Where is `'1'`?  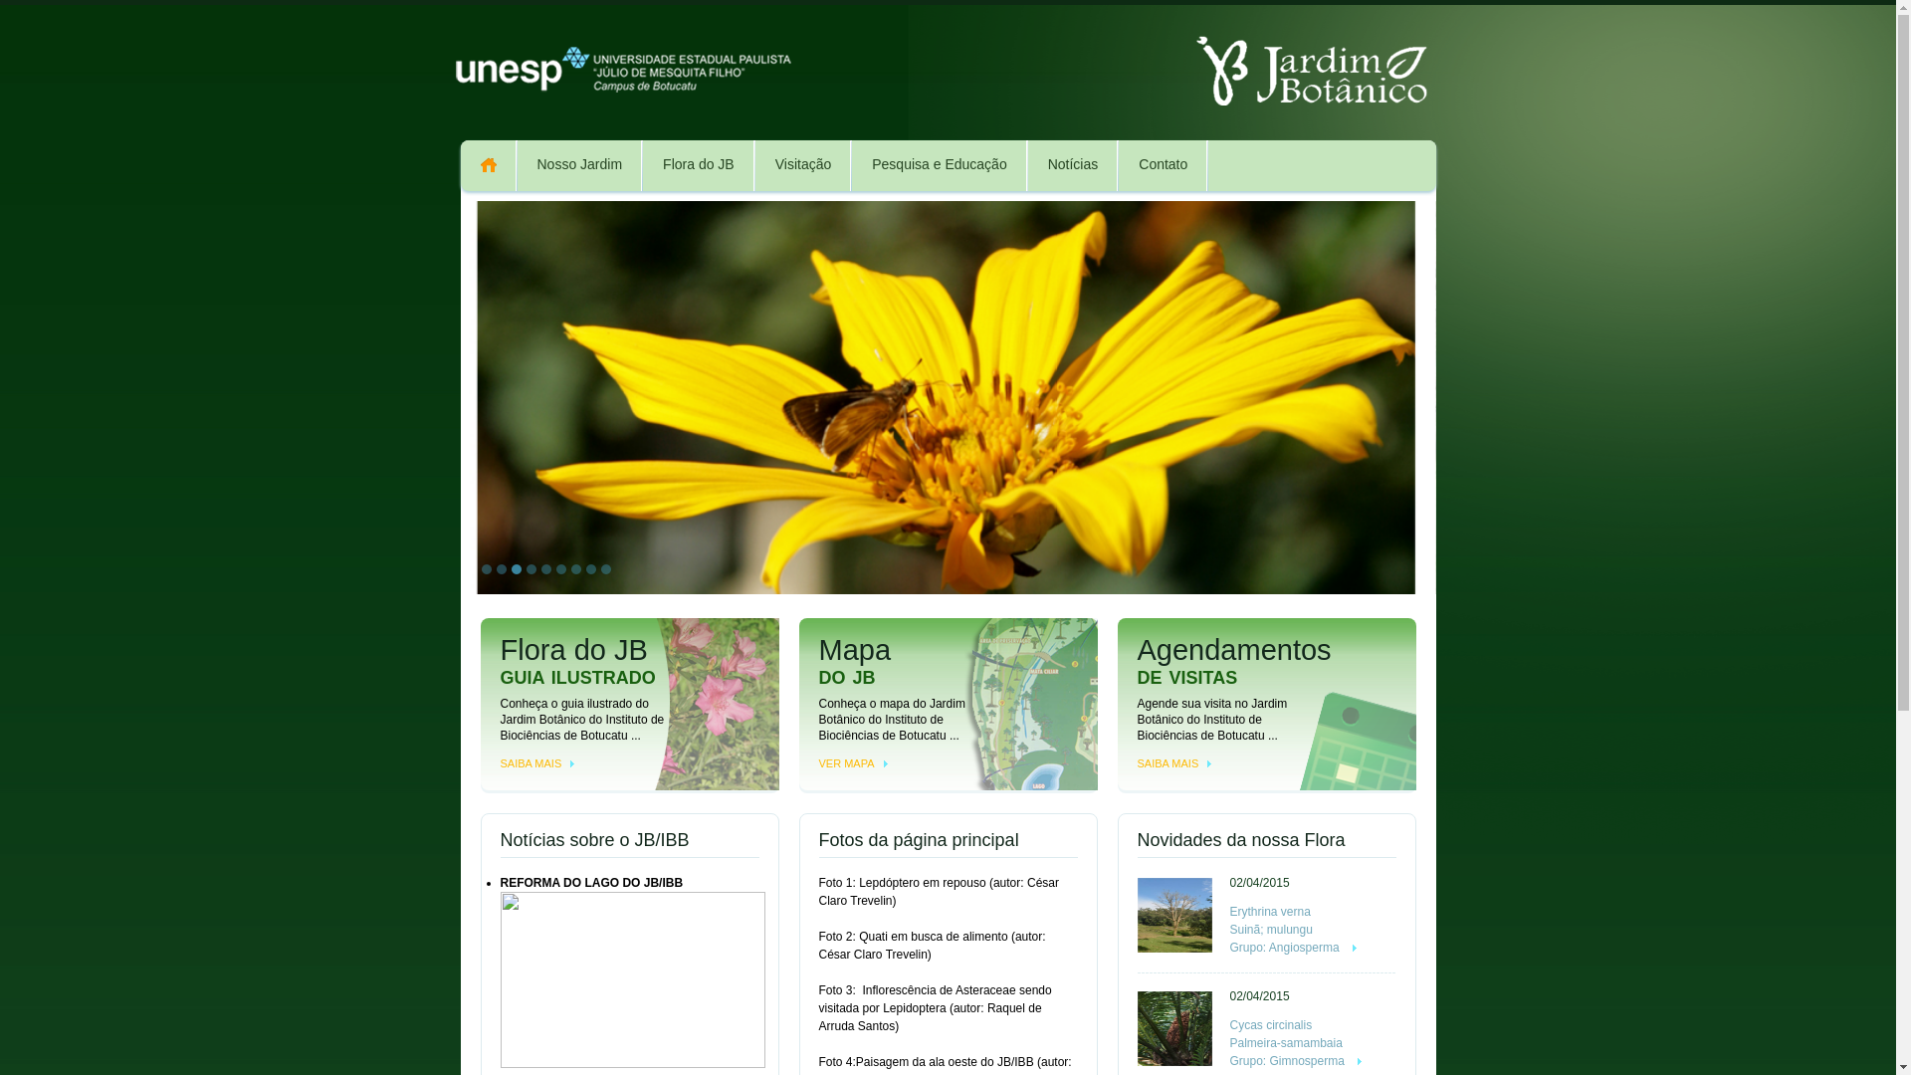 '1' is located at coordinates (482, 568).